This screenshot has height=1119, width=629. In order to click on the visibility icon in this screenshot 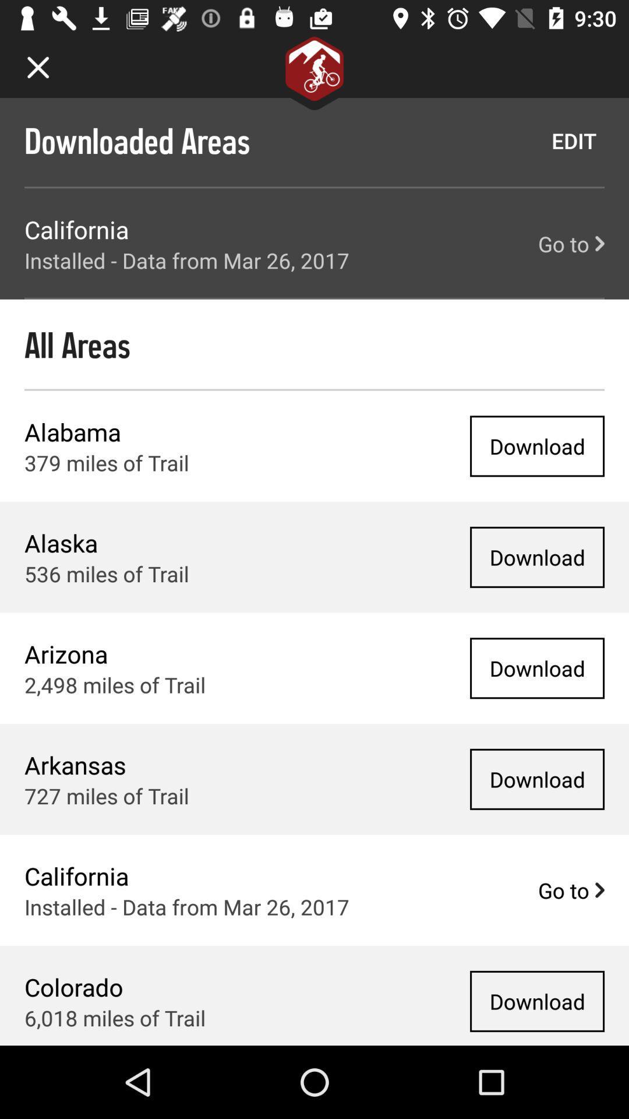, I will do `click(588, 221)`.